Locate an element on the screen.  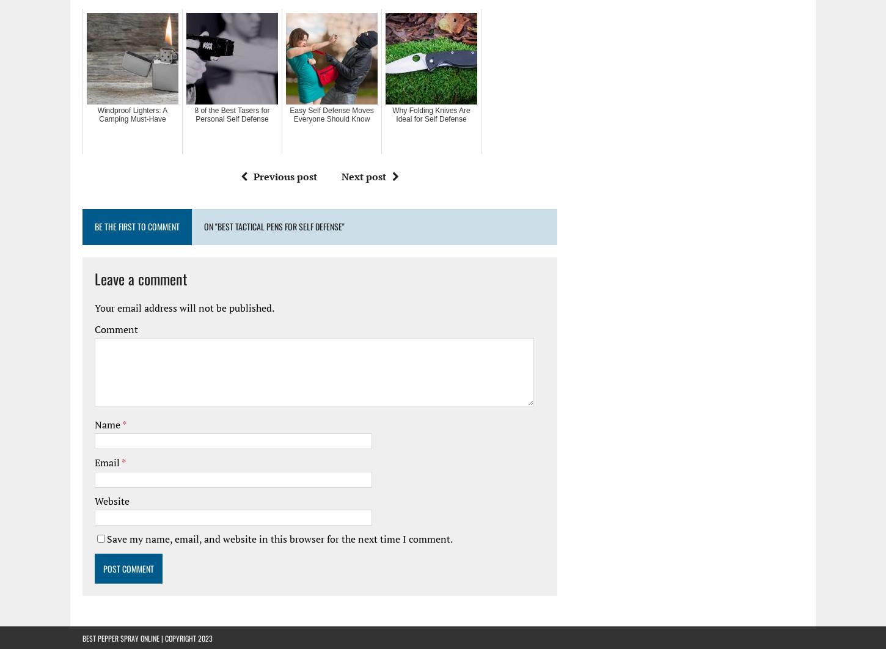
'Your email address will not be published.' is located at coordinates (185, 306).